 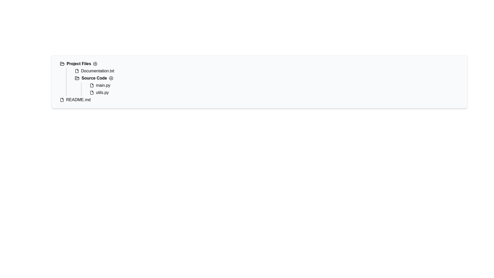 What do you see at coordinates (102, 92) in the screenshot?
I see `the text label representing the file named 'utils.py' in the file navigation tree` at bounding box center [102, 92].